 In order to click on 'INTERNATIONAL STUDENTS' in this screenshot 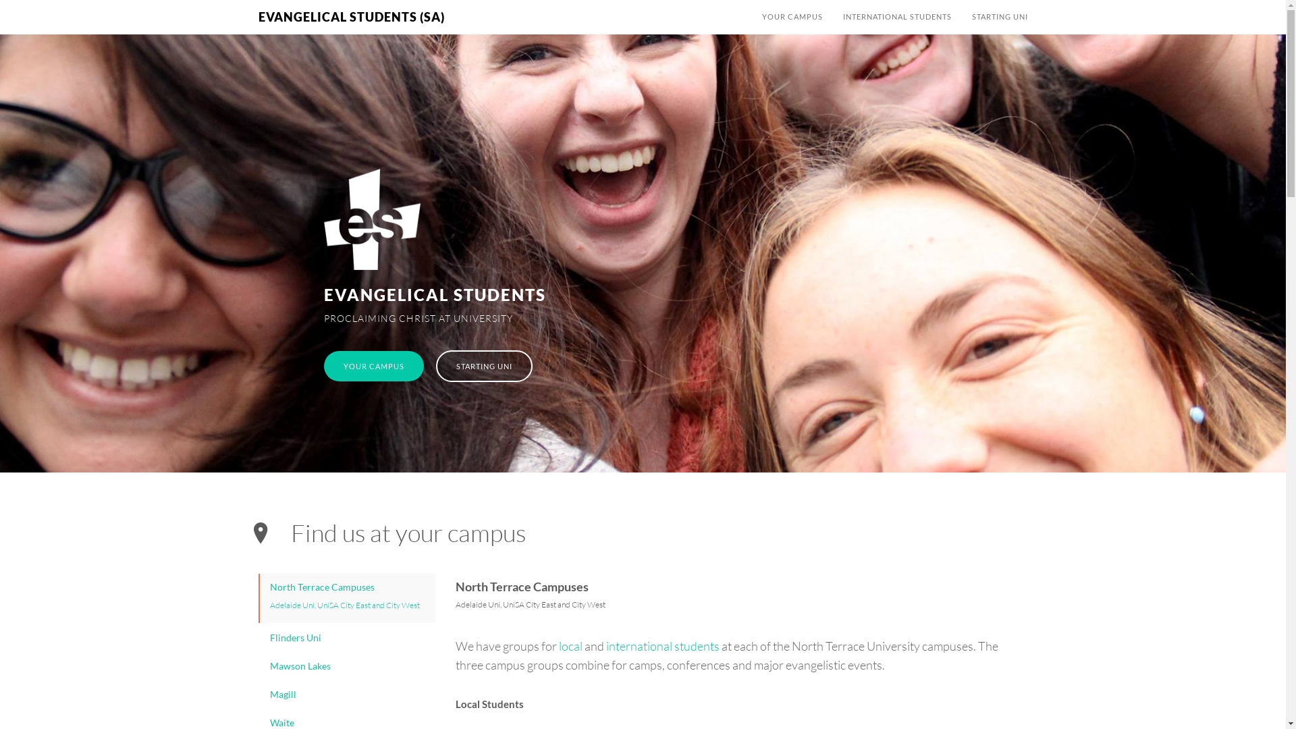, I will do `click(897, 16)`.